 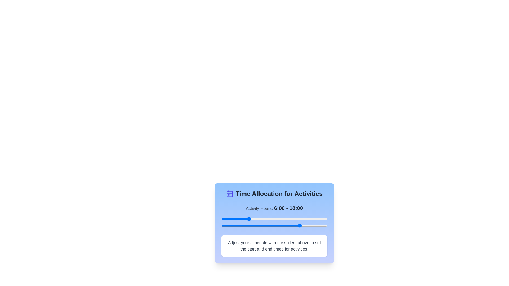 What do you see at coordinates (265, 219) in the screenshot?
I see `the start time to 10 hours using the left slider` at bounding box center [265, 219].